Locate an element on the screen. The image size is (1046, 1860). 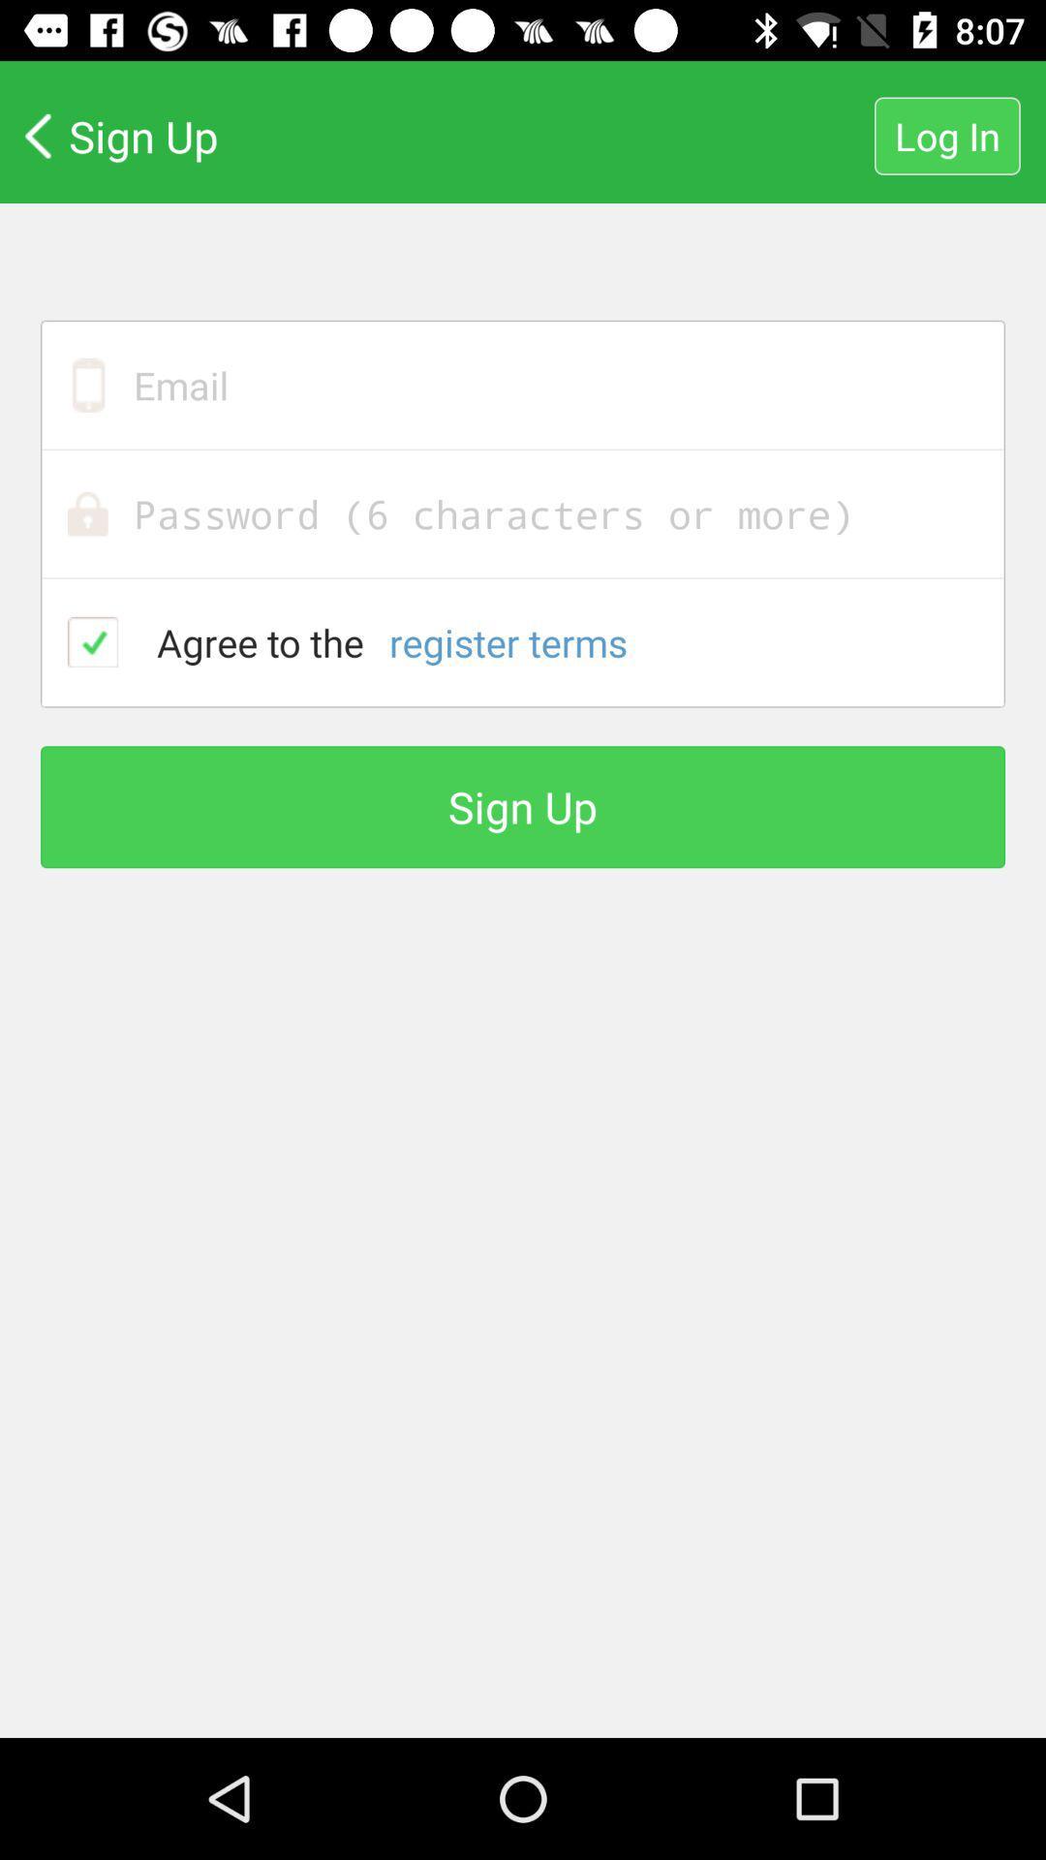
the space is used to enter the password is located at coordinates (523, 513).